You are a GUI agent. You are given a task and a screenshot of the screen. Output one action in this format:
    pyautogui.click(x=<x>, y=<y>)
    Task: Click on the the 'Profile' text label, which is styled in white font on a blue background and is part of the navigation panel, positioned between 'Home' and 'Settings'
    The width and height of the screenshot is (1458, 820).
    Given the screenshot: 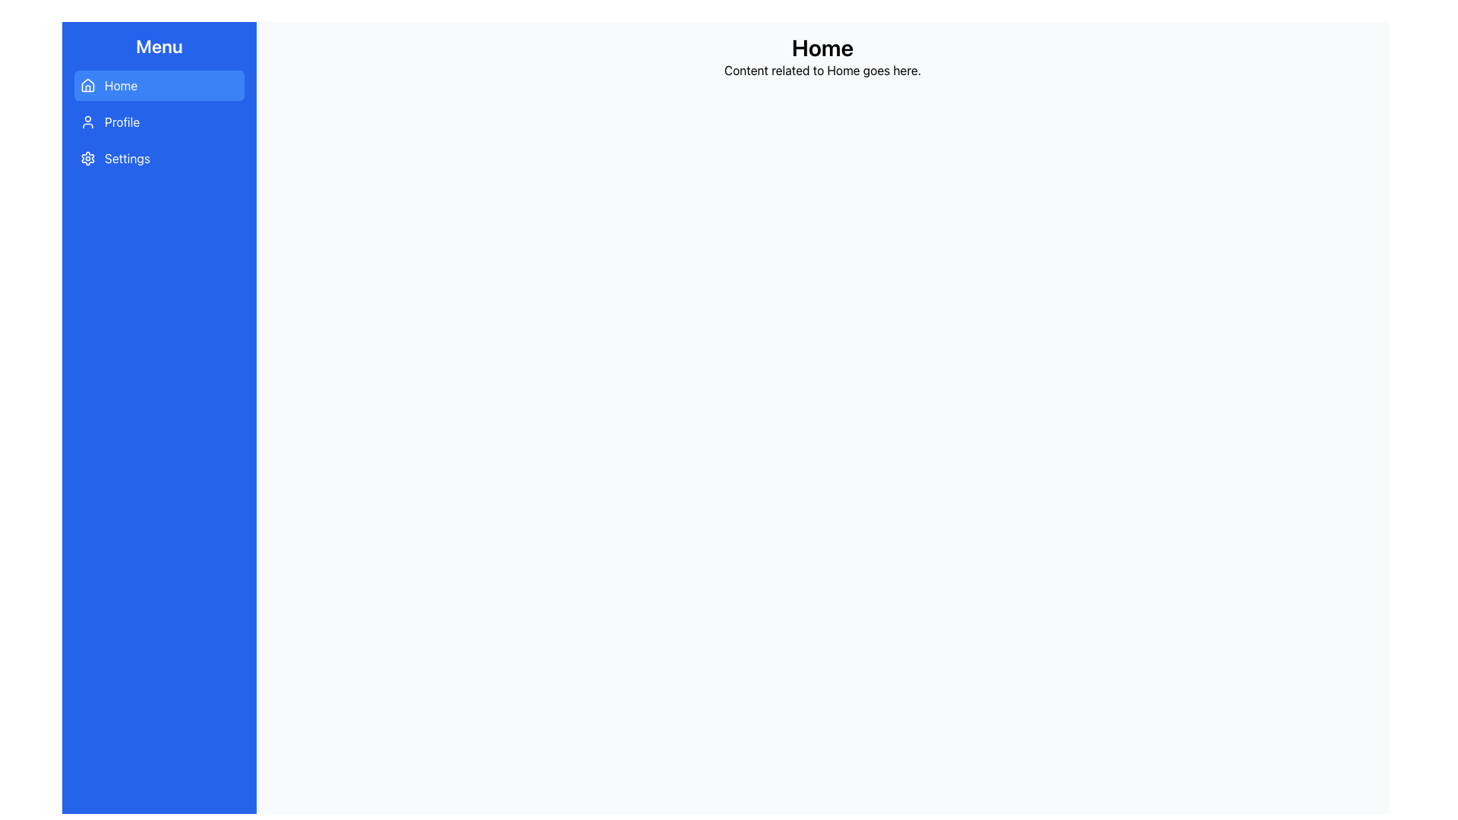 What is the action you would take?
    pyautogui.click(x=122, y=121)
    